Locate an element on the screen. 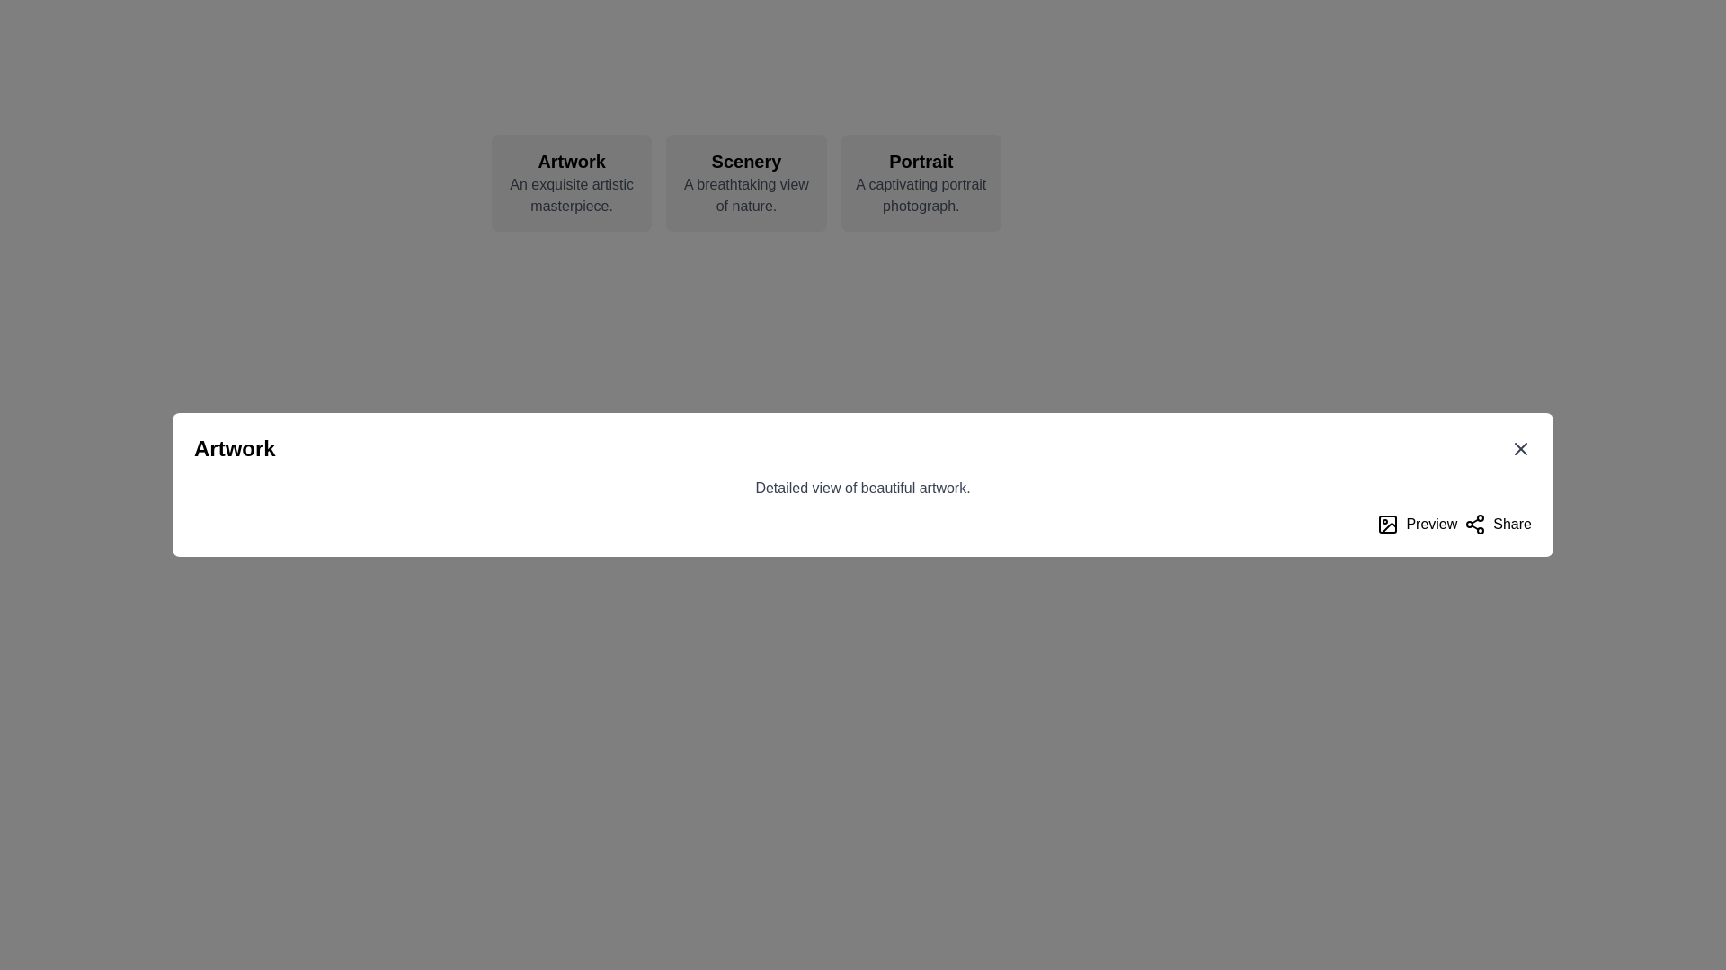 This screenshot has height=970, width=1726. the 'Preview' button, which is a primary button with a black bold text label and an image icon on its left, located to the left of the 'Share' button is located at coordinates (1416, 524).